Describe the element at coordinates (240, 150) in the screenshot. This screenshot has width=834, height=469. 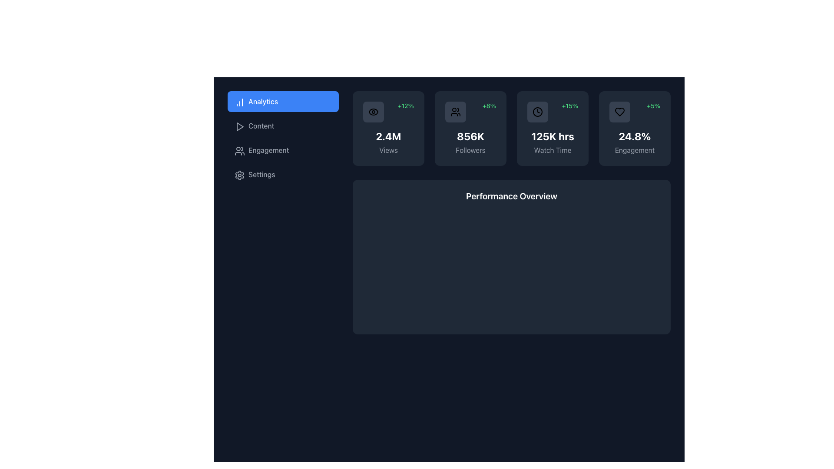
I see `the icon next to the 'Engagement' text label in the left-side navigation menu` at that location.